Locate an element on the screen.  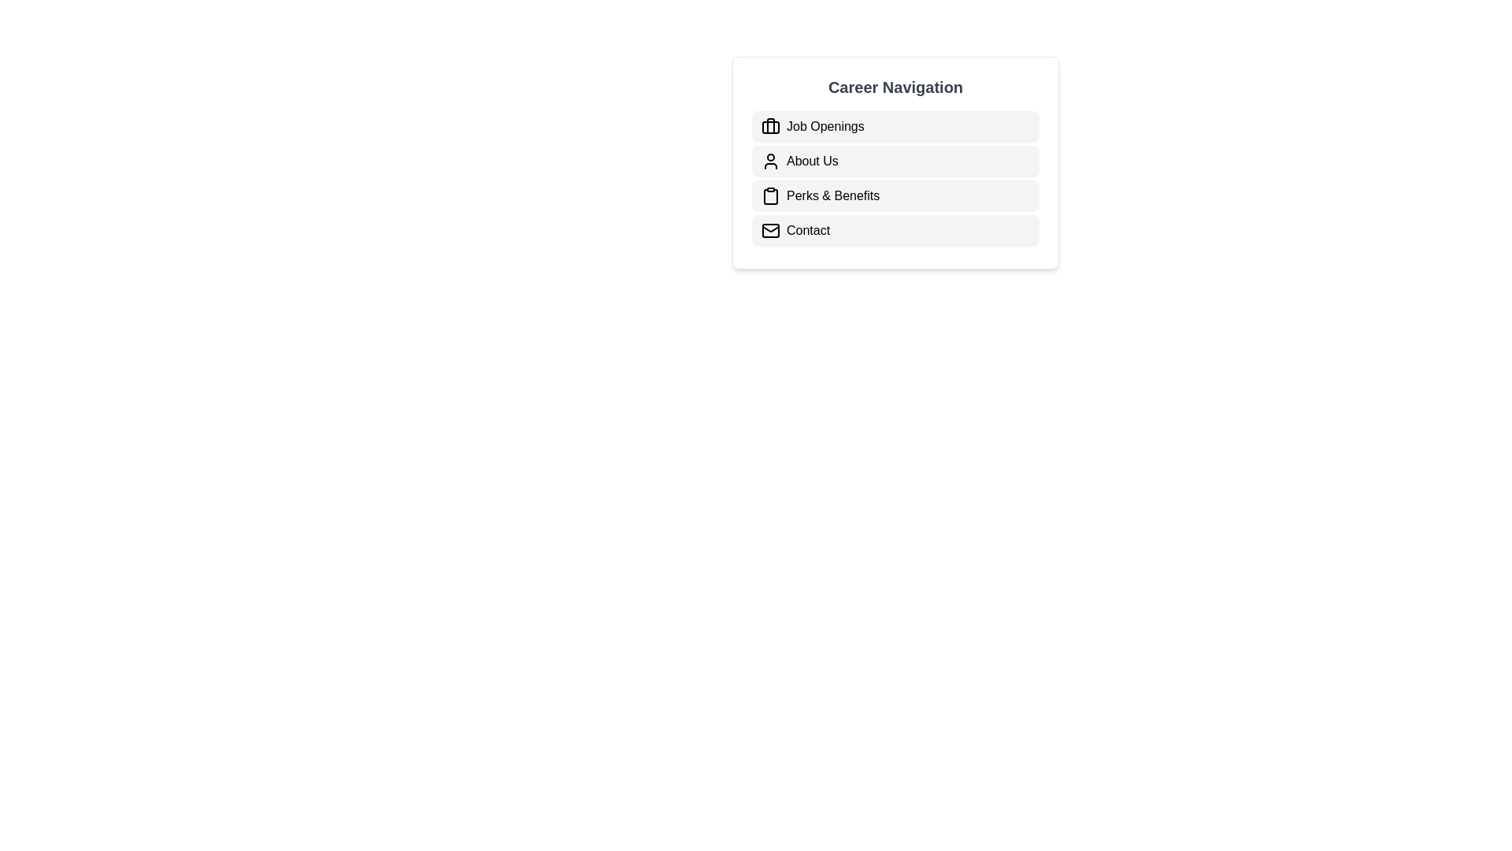
the rectangular shape inside the briefcase icon representing 'Job Openings' in the 'Career Navigation' menu is located at coordinates (771, 127).